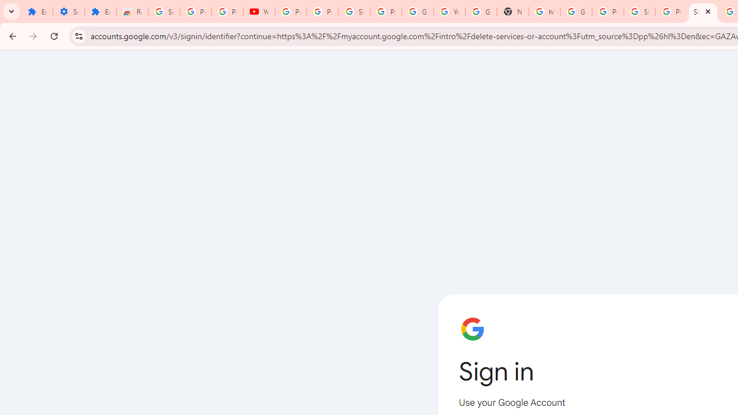 The image size is (738, 415). Describe the element at coordinates (132, 12) in the screenshot. I see `'Reviews: Helix Fruit Jump Arcade Game'` at that location.